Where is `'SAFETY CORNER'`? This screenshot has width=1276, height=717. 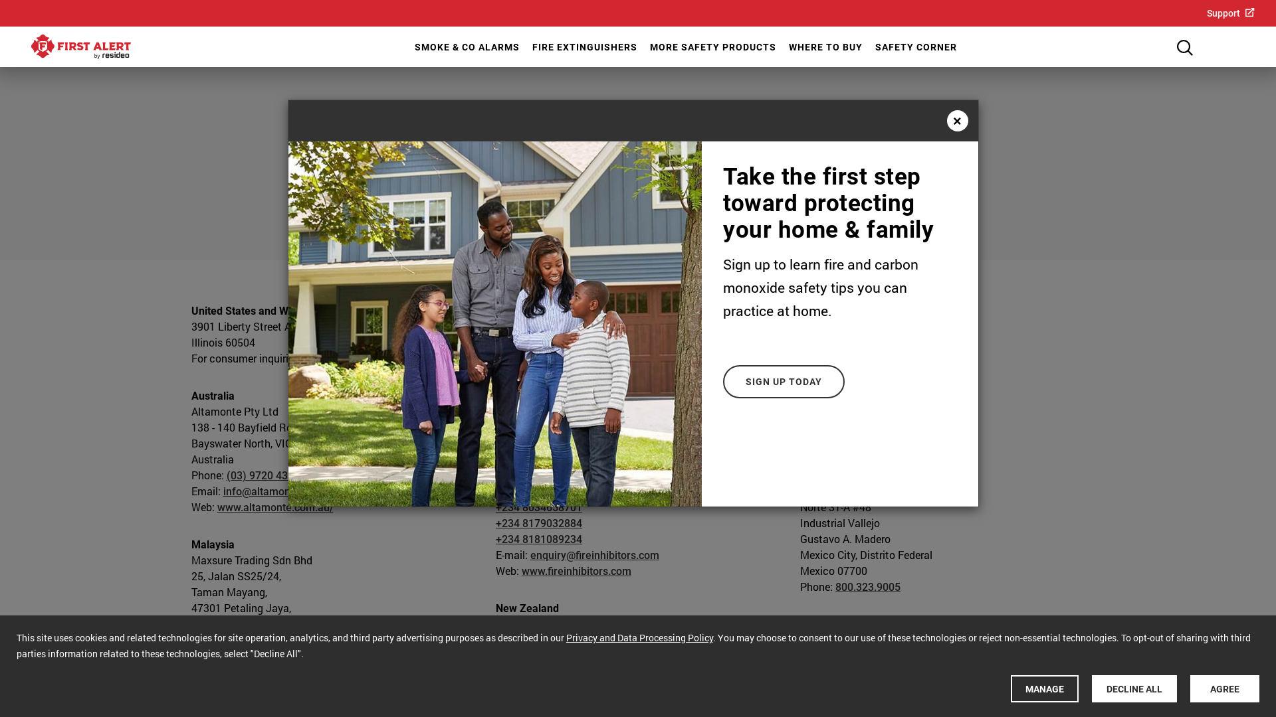 'SAFETY CORNER' is located at coordinates (914, 46).